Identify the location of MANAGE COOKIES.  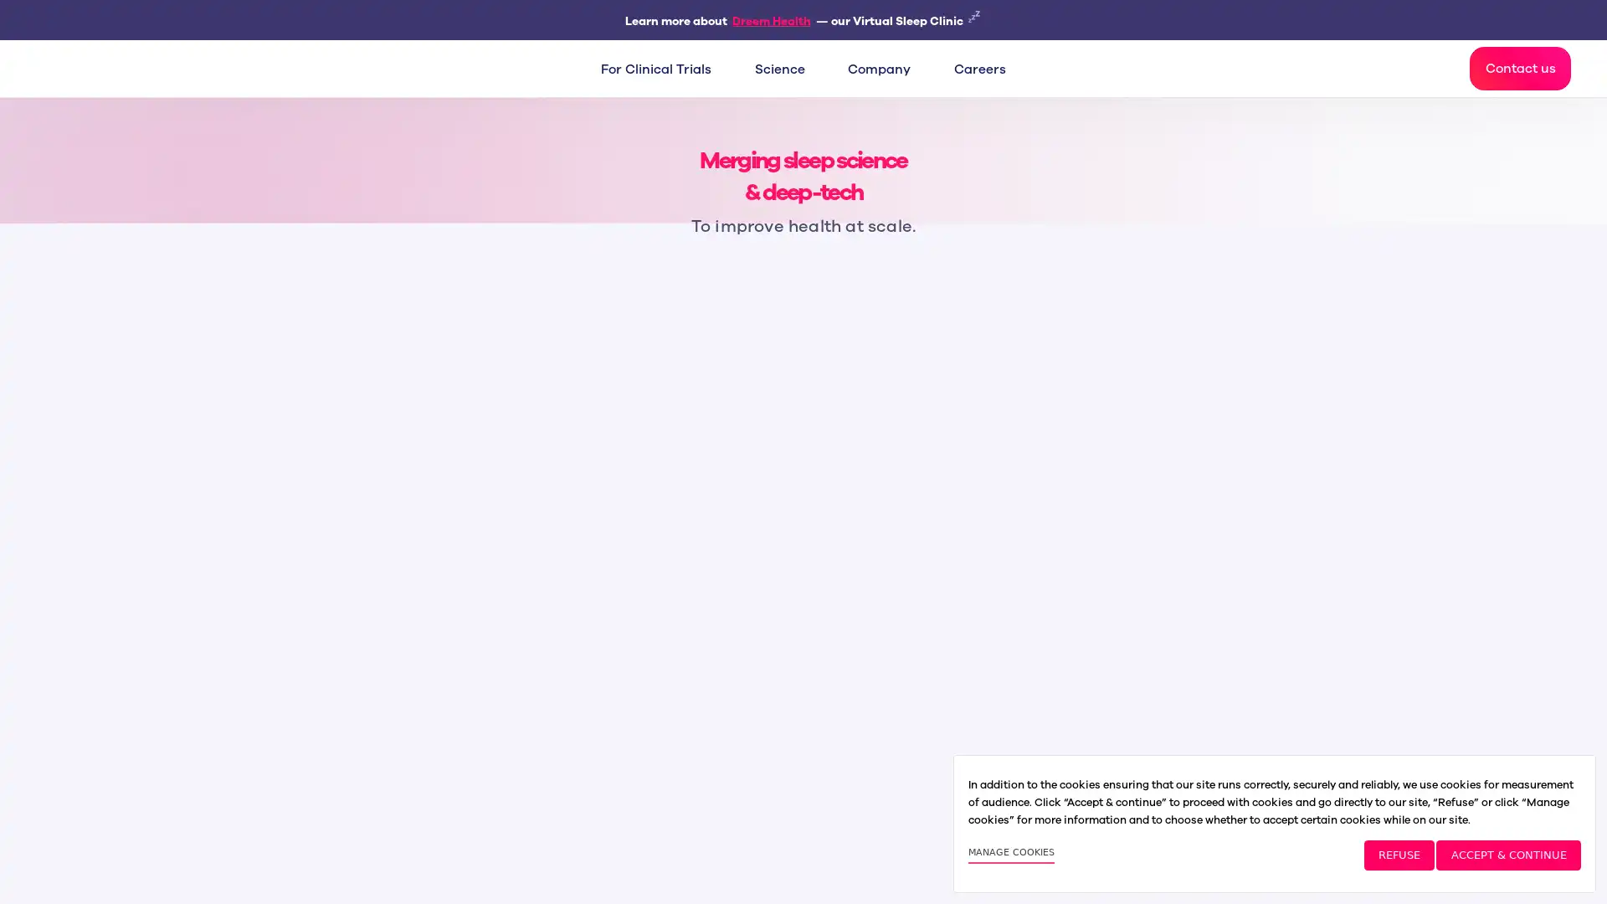
(1010, 855).